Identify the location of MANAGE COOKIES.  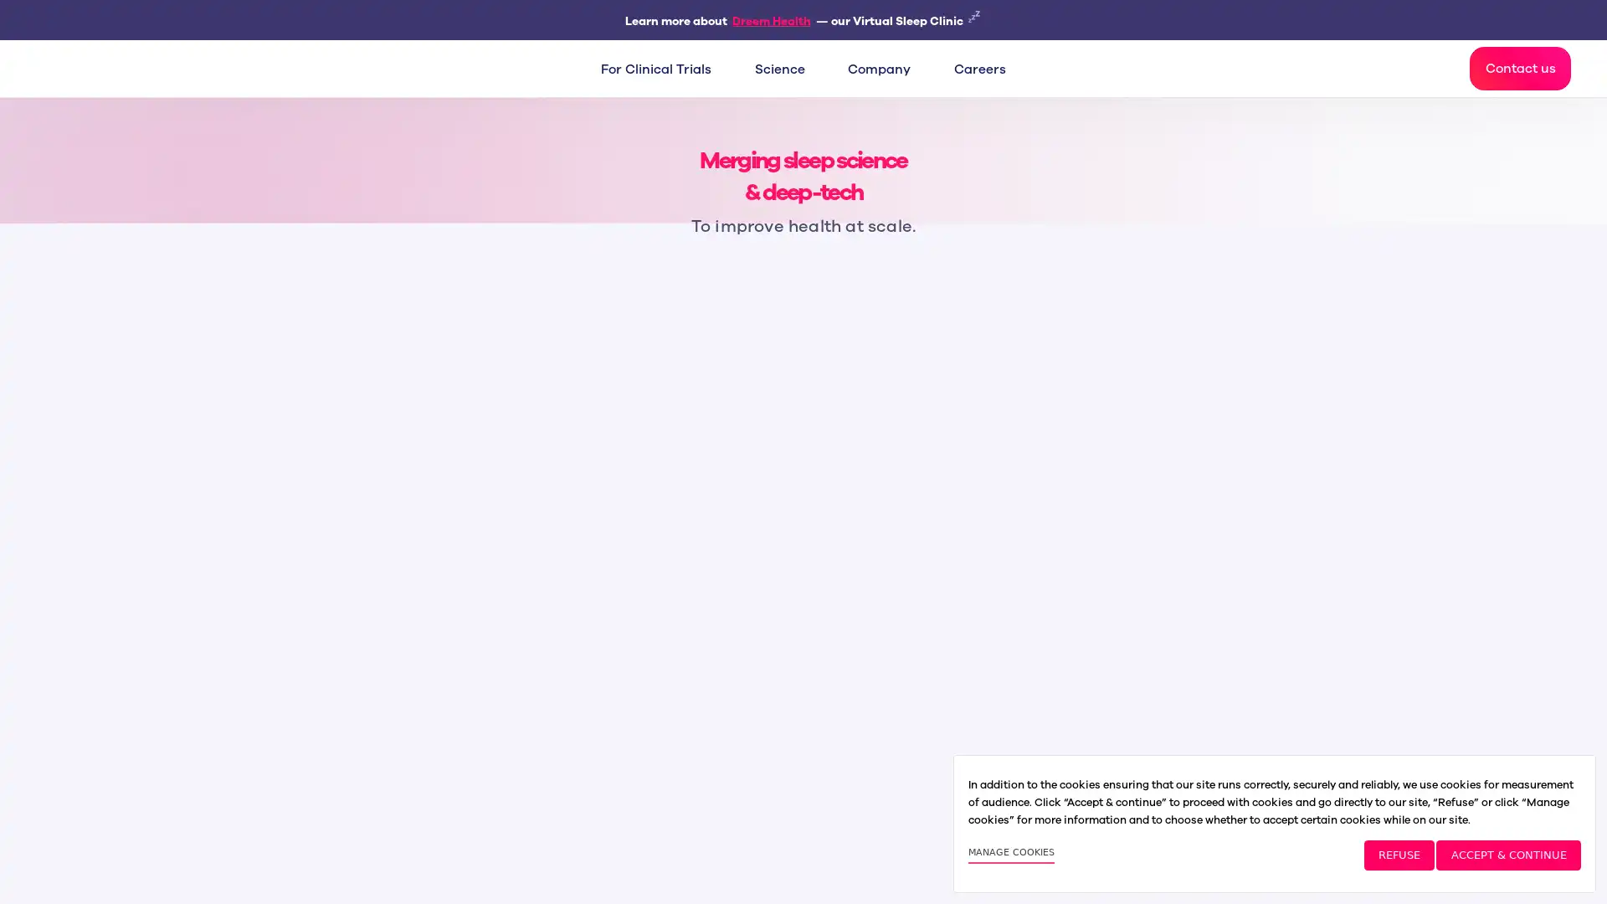
(1010, 855).